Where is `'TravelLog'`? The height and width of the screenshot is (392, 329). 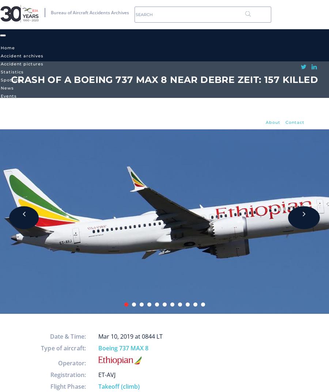 'TravelLog' is located at coordinates (12, 103).